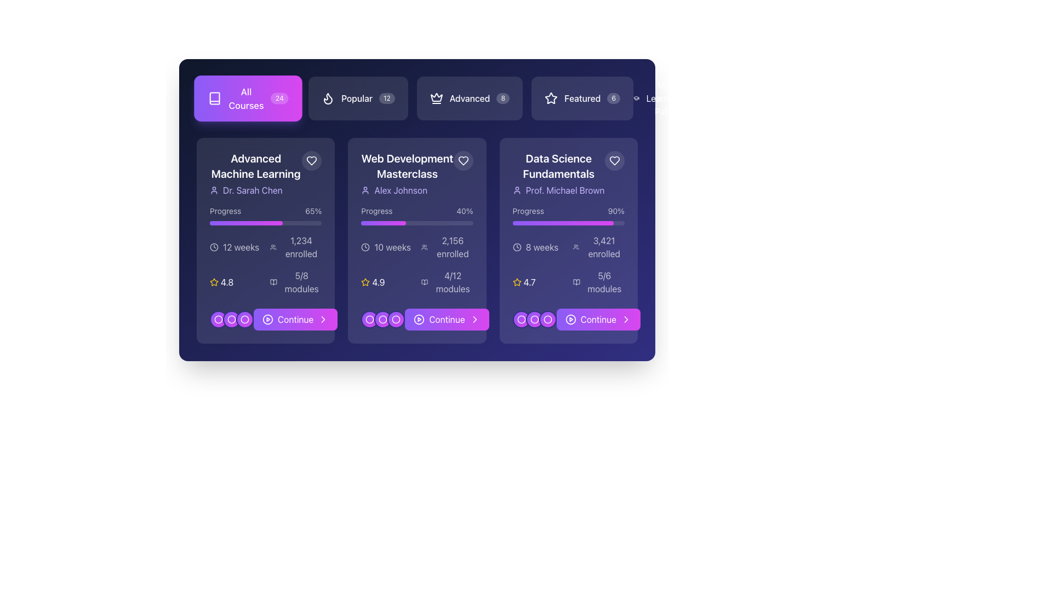 The height and width of the screenshot is (591, 1052). I want to click on the 'Advanced' button, which is a rounded rectangular button with a dark background, white text, and a crown icon, located between the 'Popular' and 'Featured' buttons, so click(470, 99).